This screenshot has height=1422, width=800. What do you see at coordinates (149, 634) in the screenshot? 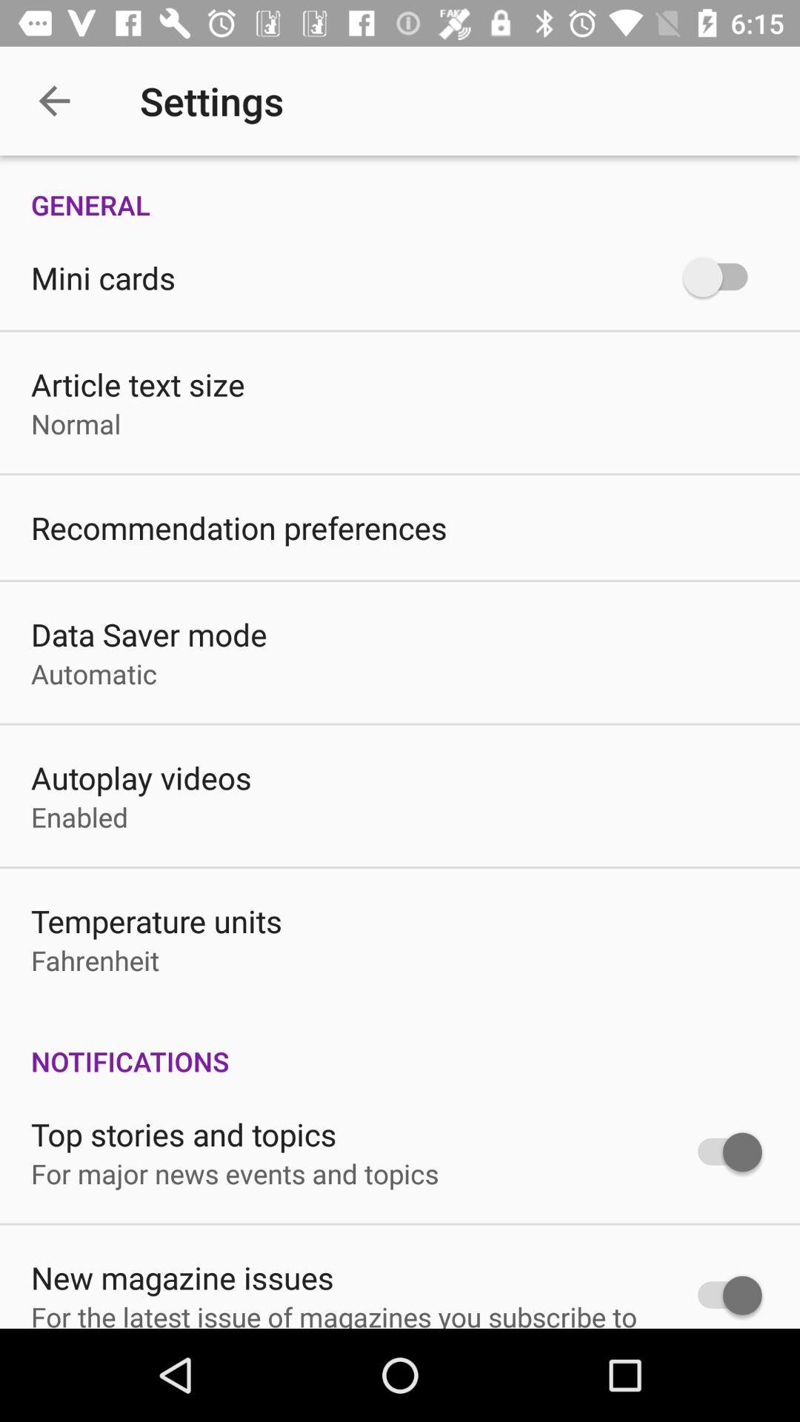
I see `item below the recommendation preferences icon` at bounding box center [149, 634].